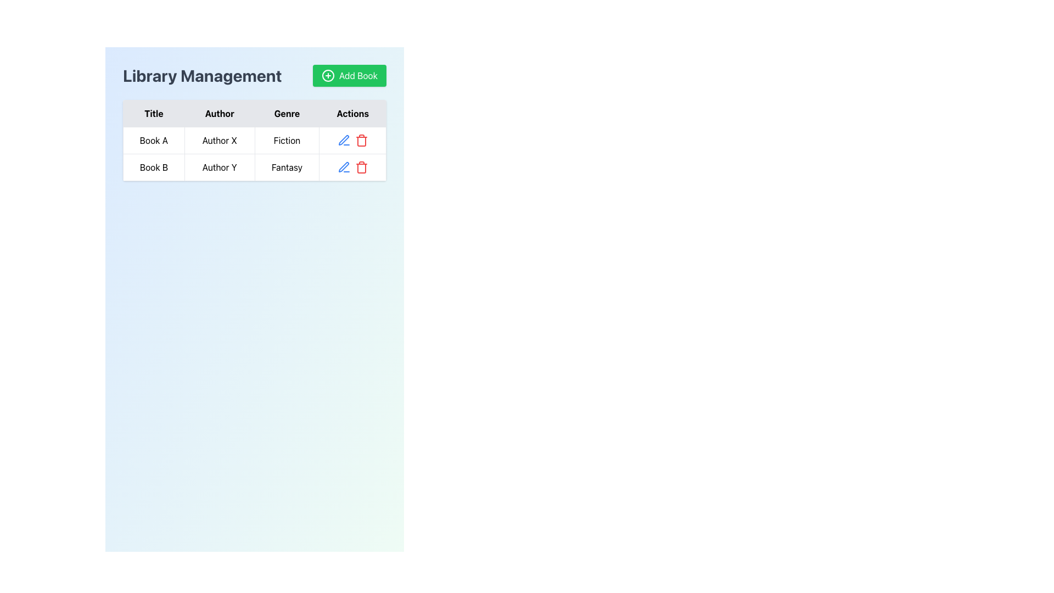 The image size is (1054, 593). I want to click on the red trash can icon located in the 'Actions' column of the library management table, specifically in the second row, so click(361, 139).